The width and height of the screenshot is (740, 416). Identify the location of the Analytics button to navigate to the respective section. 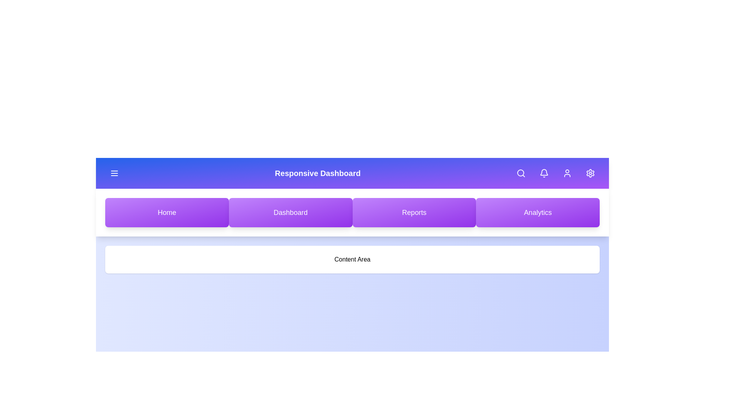
(537, 212).